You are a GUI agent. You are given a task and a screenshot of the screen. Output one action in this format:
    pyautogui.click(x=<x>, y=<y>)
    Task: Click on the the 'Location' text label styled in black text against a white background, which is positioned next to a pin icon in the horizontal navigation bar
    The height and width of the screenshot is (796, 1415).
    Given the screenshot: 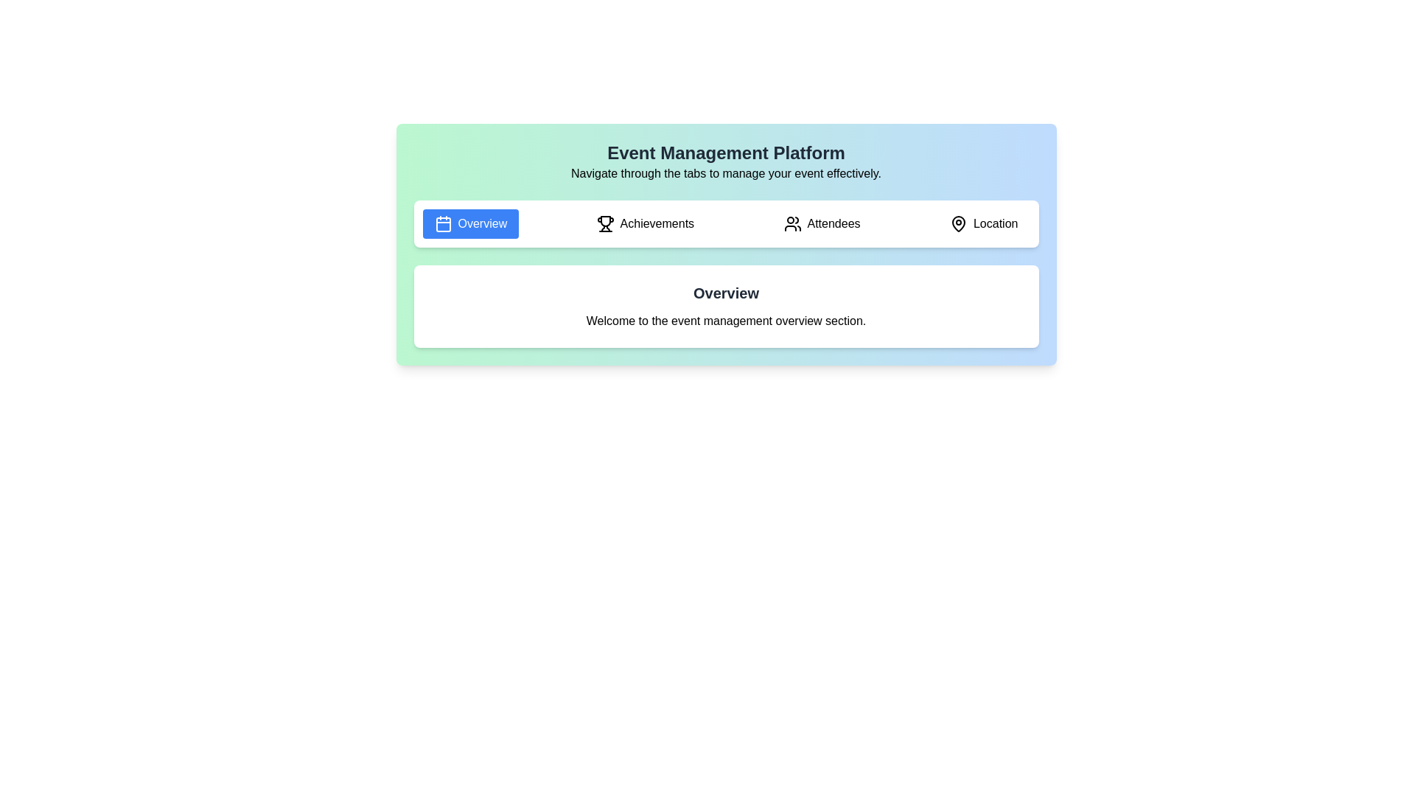 What is the action you would take?
    pyautogui.click(x=996, y=224)
    